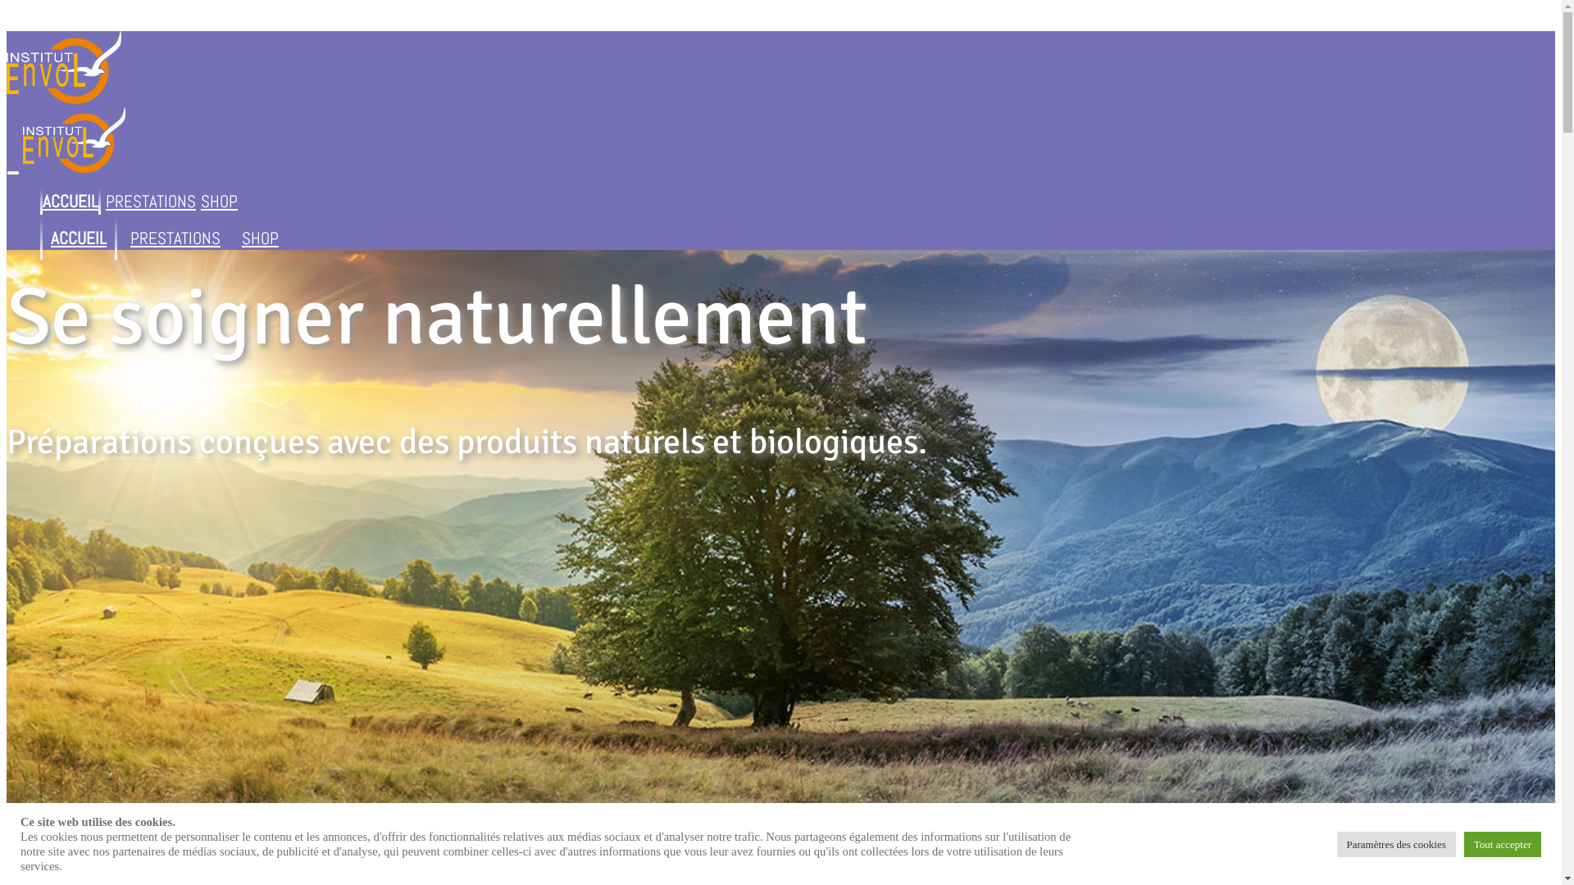 The image size is (1574, 885). What do you see at coordinates (70, 200) in the screenshot?
I see `'ACCUEIL'` at bounding box center [70, 200].